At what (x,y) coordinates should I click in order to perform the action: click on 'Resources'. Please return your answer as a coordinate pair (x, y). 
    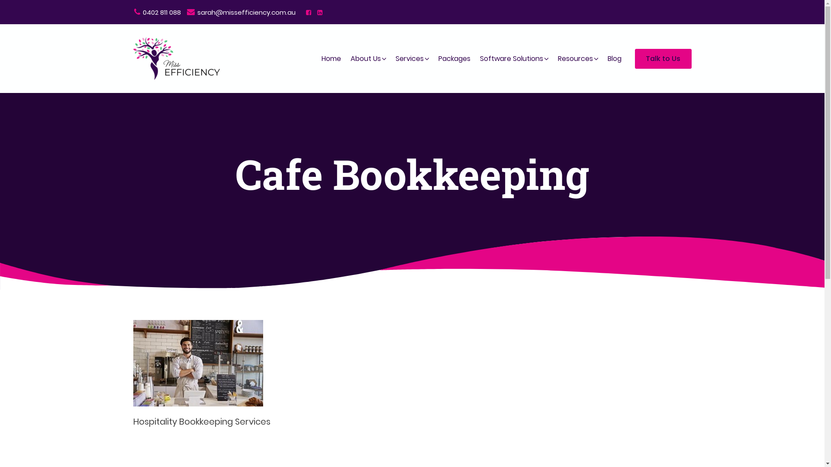
    Looking at the image, I should click on (555, 58).